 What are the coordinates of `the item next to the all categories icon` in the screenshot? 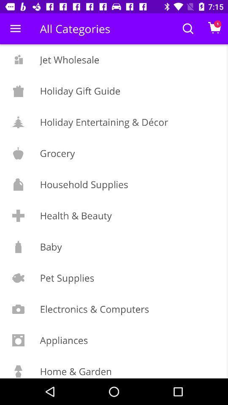 It's located at (15, 29).